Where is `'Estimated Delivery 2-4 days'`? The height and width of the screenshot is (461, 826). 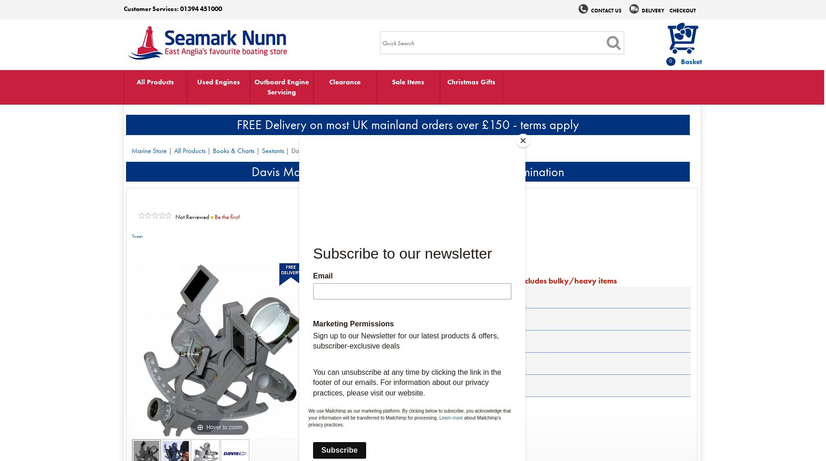 'Estimated Delivery 2-4 days' is located at coordinates (313, 416).